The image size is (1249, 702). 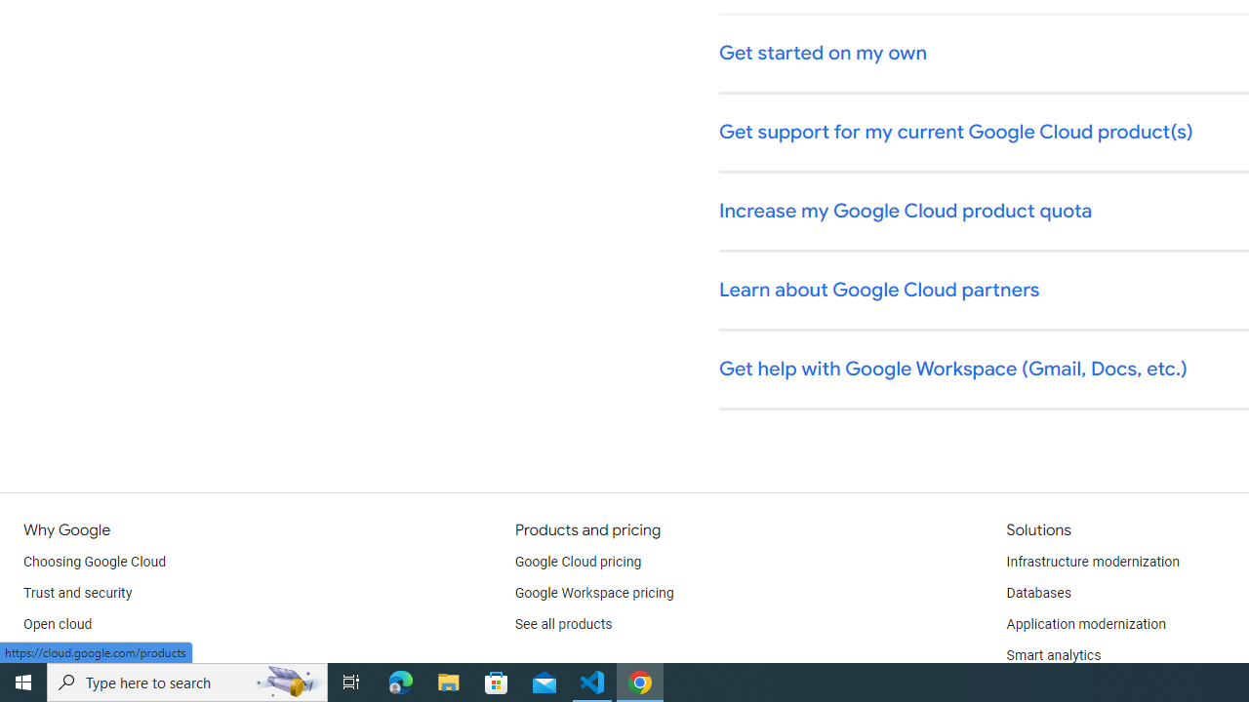 I want to click on 'Application modernization', so click(x=1084, y=624).